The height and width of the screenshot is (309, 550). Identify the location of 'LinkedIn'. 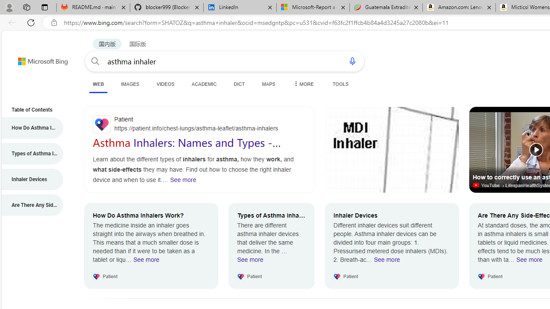
(240, 7).